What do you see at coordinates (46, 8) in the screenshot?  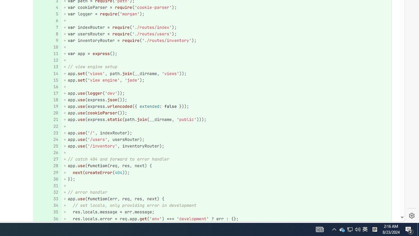 I see `'4'` at bounding box center [46, 8].